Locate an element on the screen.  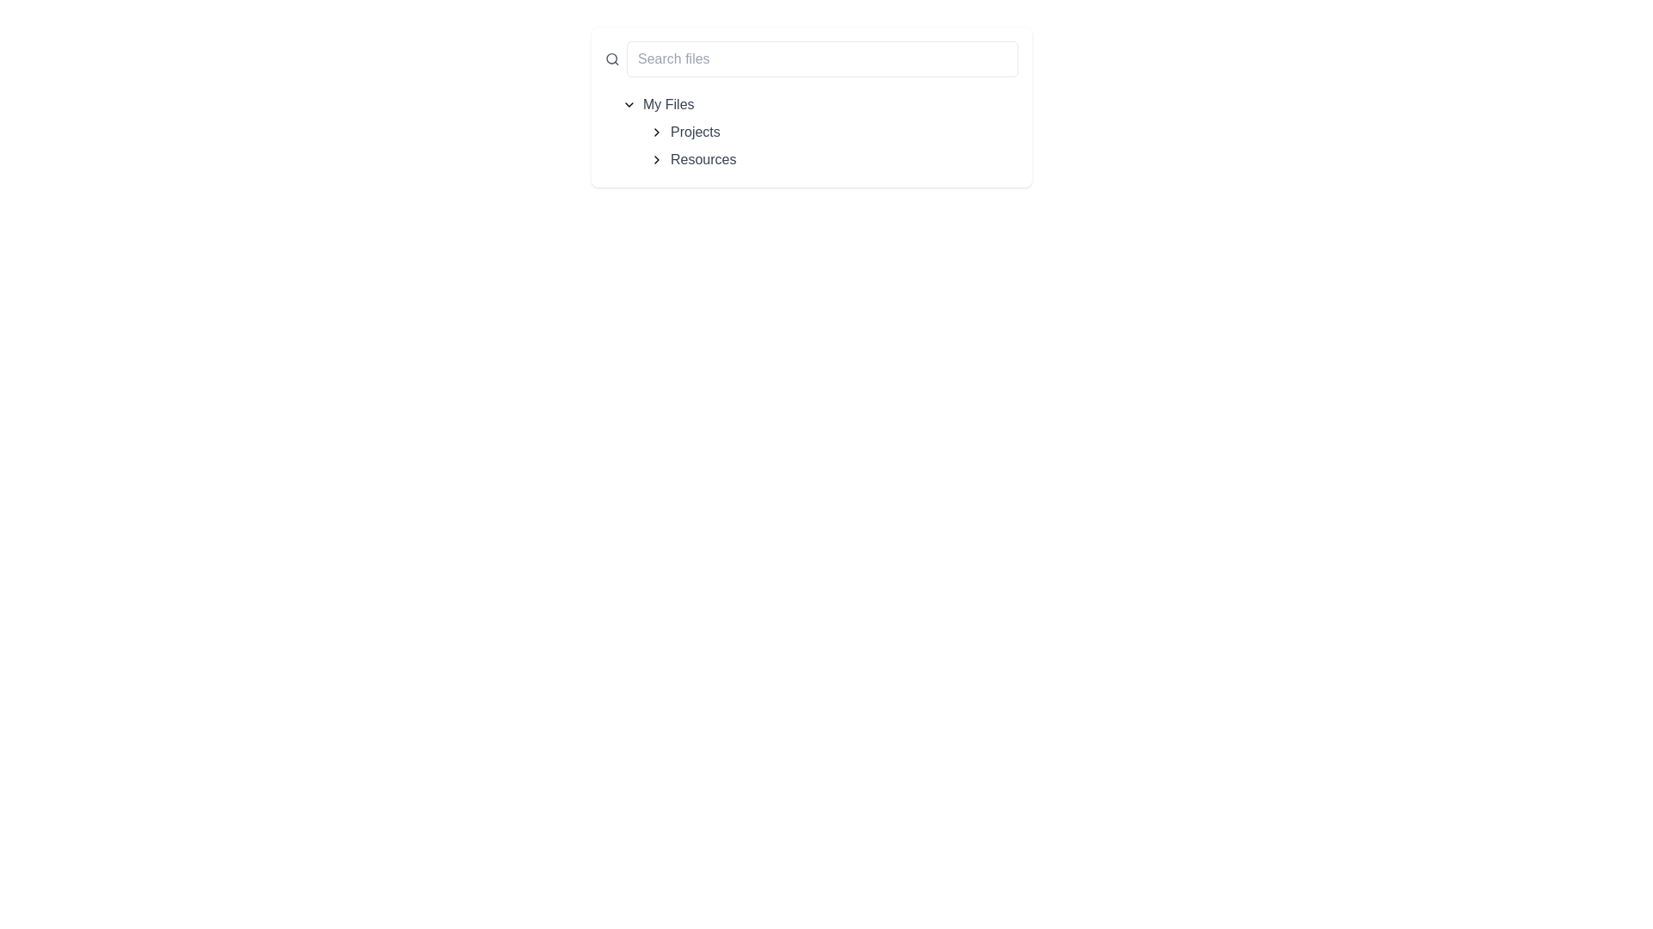
the 'My Files' entry in the Hierarchical Navigation List, which displays a basic file structure with modern UI aesthetics is located at coordinates (810, 132).